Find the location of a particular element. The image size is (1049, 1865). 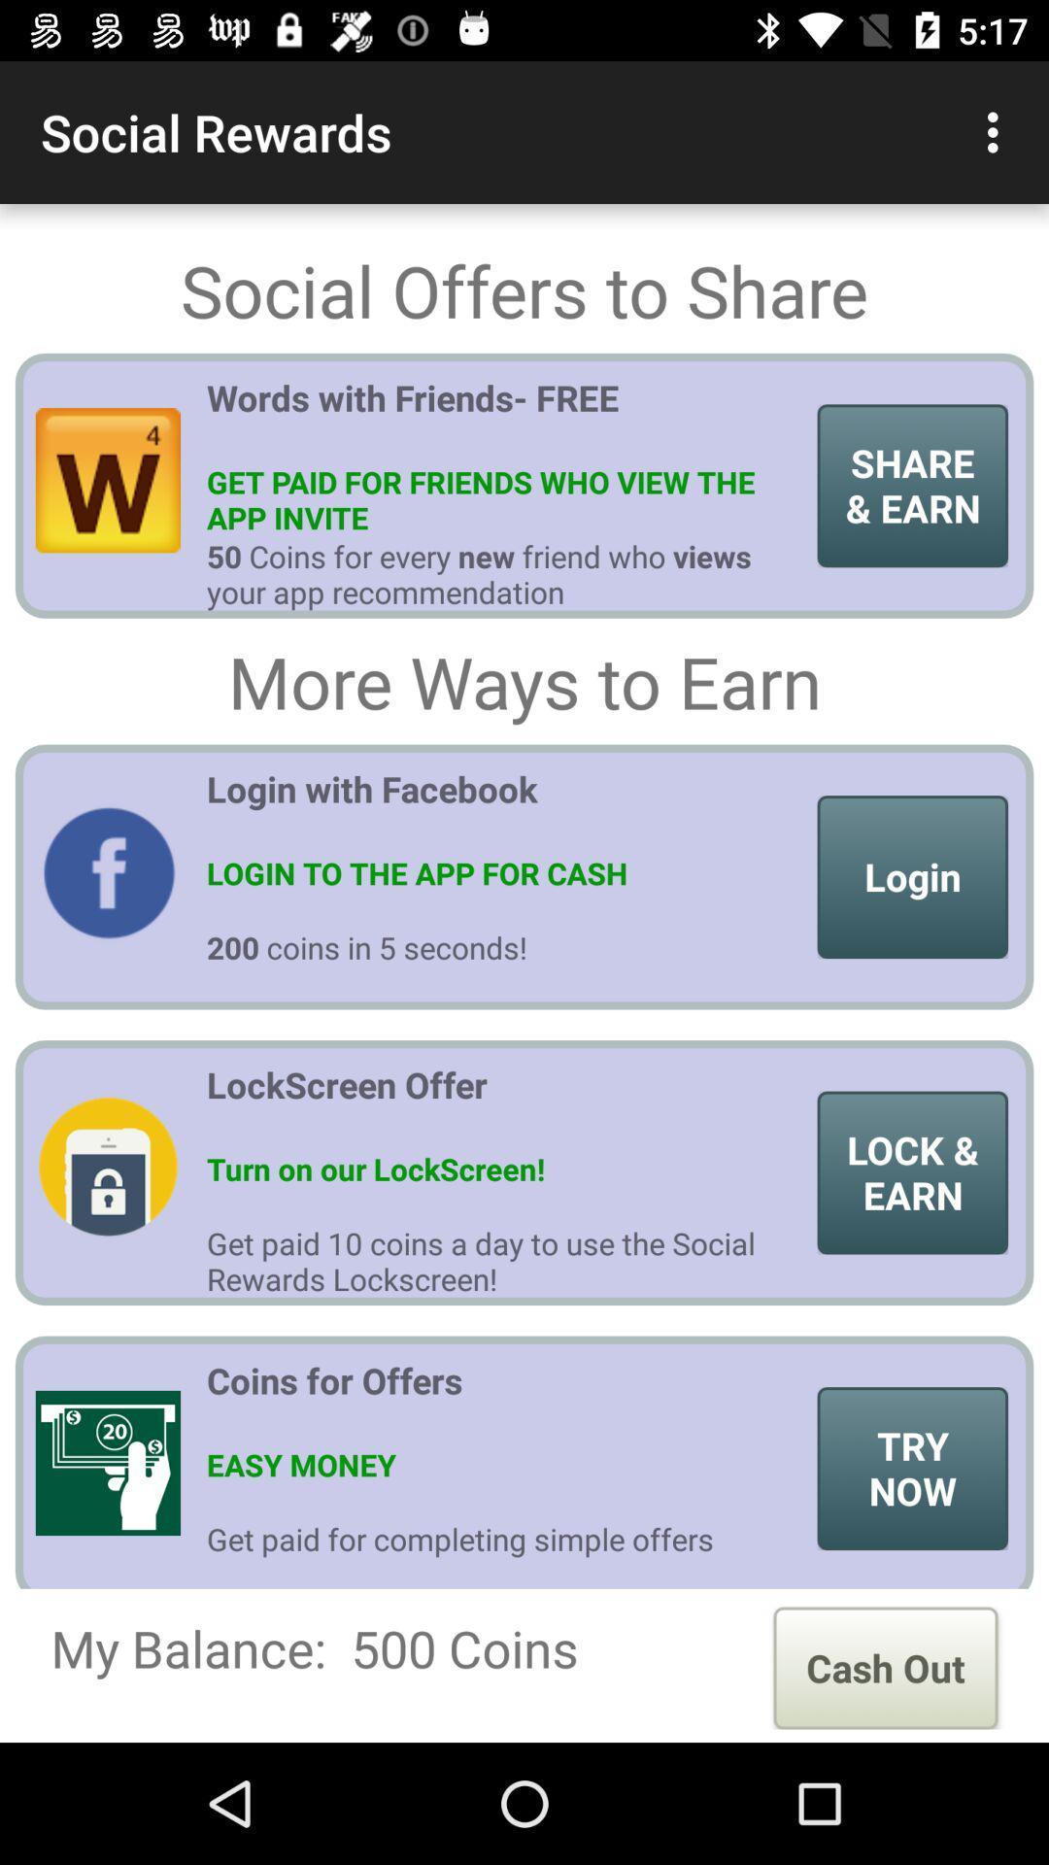

the item to the right of lockscreen offer icon is located at coordinates (912, 1171).